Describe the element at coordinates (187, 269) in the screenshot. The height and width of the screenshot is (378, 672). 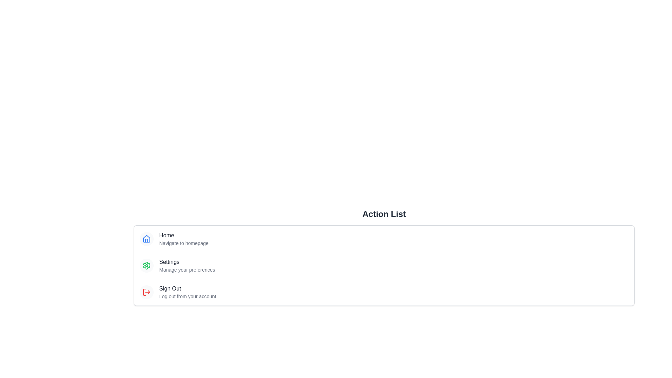
I see `the descriptive text label that provides supplementary information regarding the 'Settings' section, positioned beneath the 'Settings' text` at that location.